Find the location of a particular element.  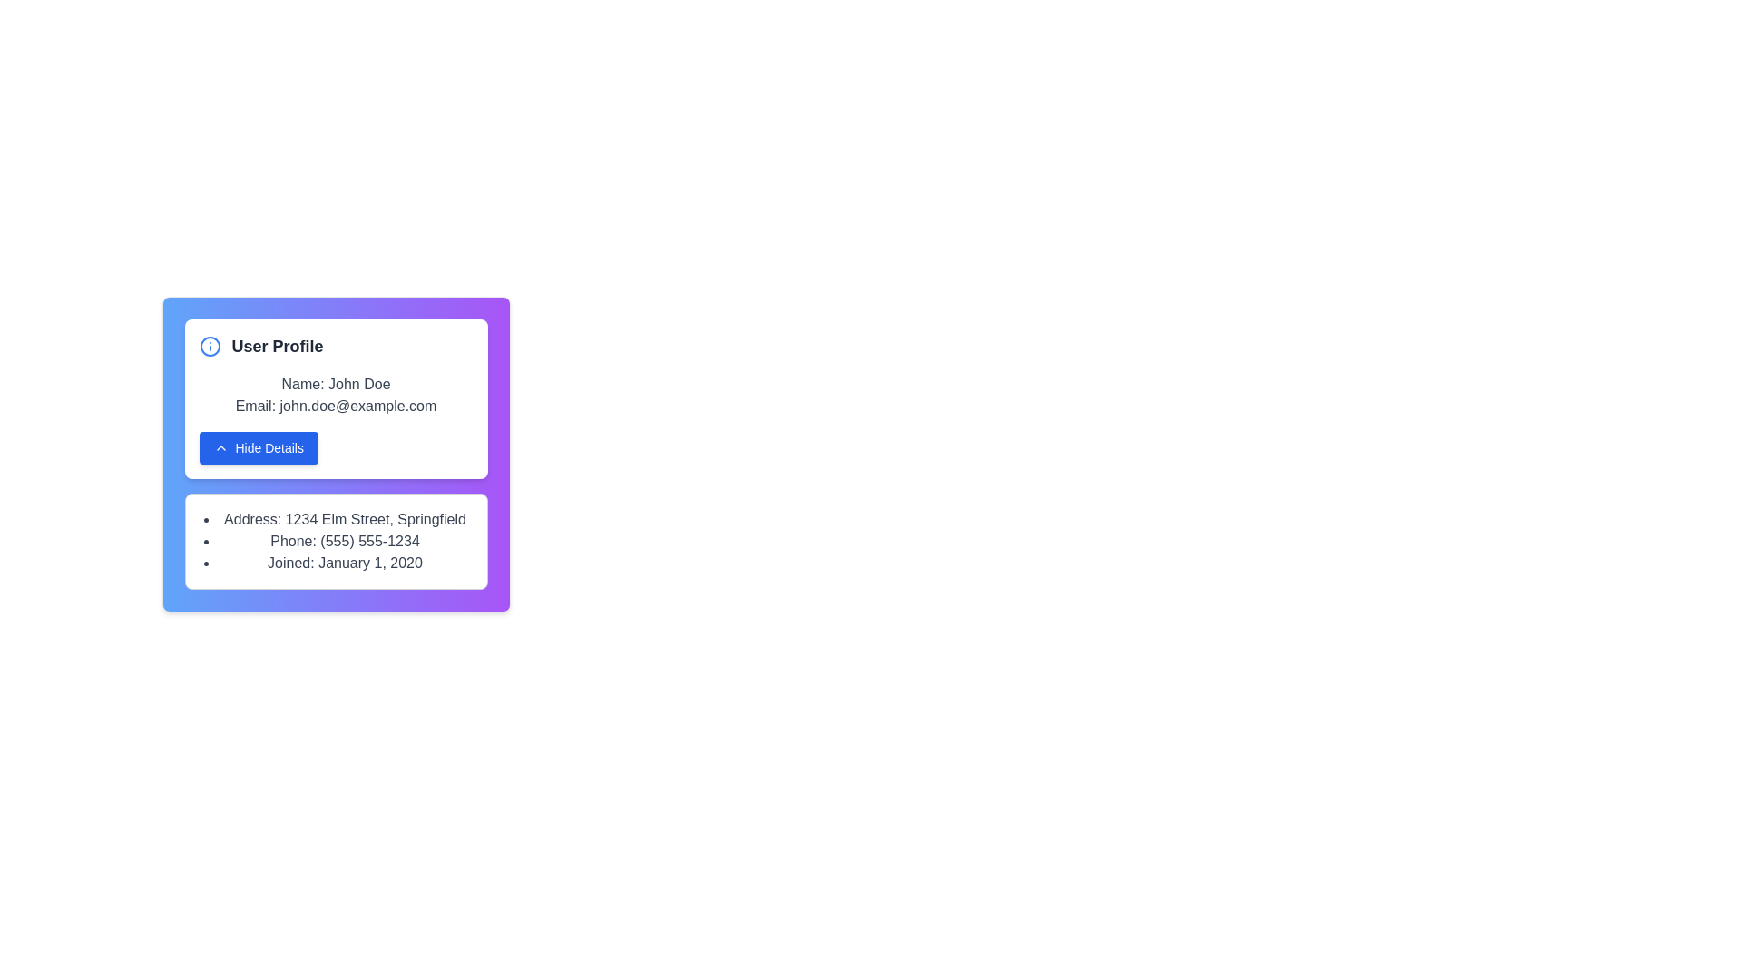

the Text Section that presents the user's personal details, located below the 'Hide Details' button in the User Profile component is located at coordinates (336, 541).